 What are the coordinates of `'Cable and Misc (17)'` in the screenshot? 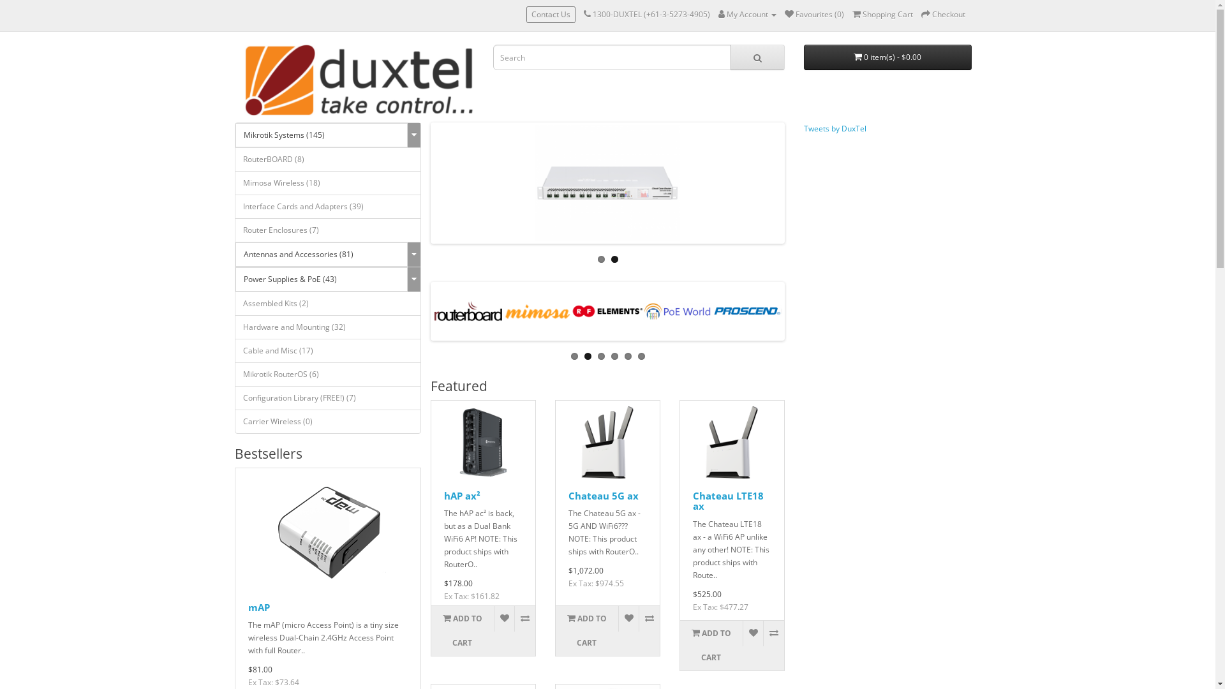 It's located at (328, 351).